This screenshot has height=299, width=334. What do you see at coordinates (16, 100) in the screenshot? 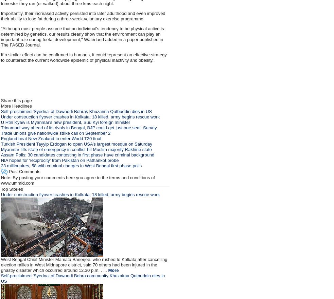
I see `'Share this page'` at bounding box center [16, 100].